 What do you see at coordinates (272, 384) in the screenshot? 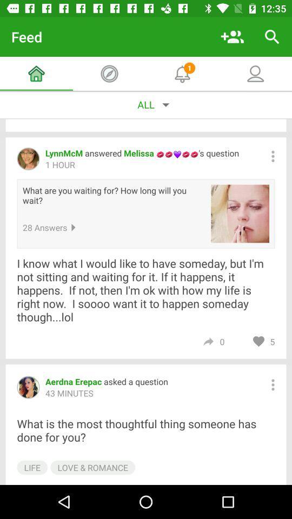
I see `further options` at bounding box center [272, 384].